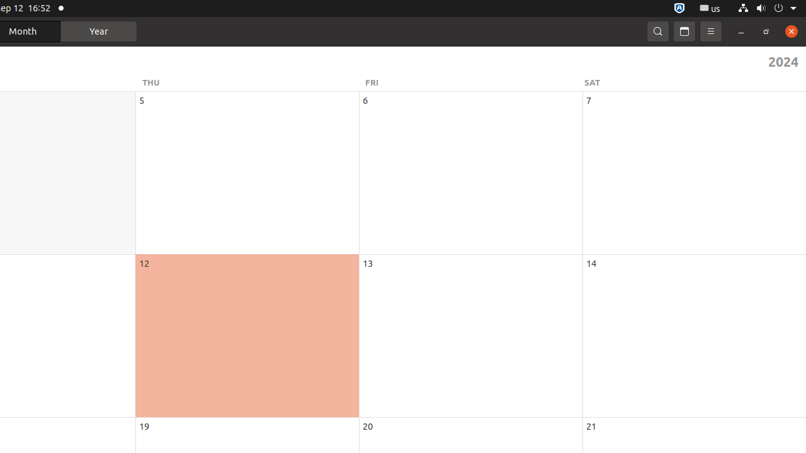  Describe the element at coordinates (741, 30) in the screenshot. I see `'Minimize'` at that location.